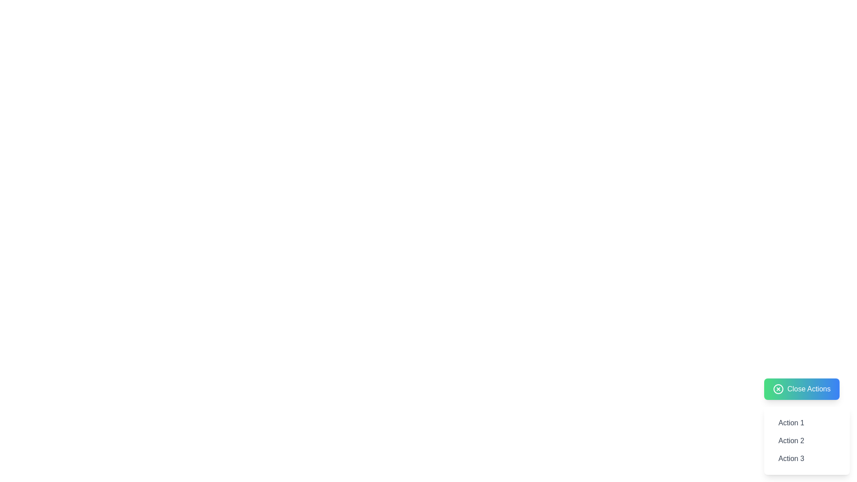 This screenshot has width=857, height=482. I want to click on the 'Action 2' button, which is the second option in a vertical list of three items, so click(807, 440).